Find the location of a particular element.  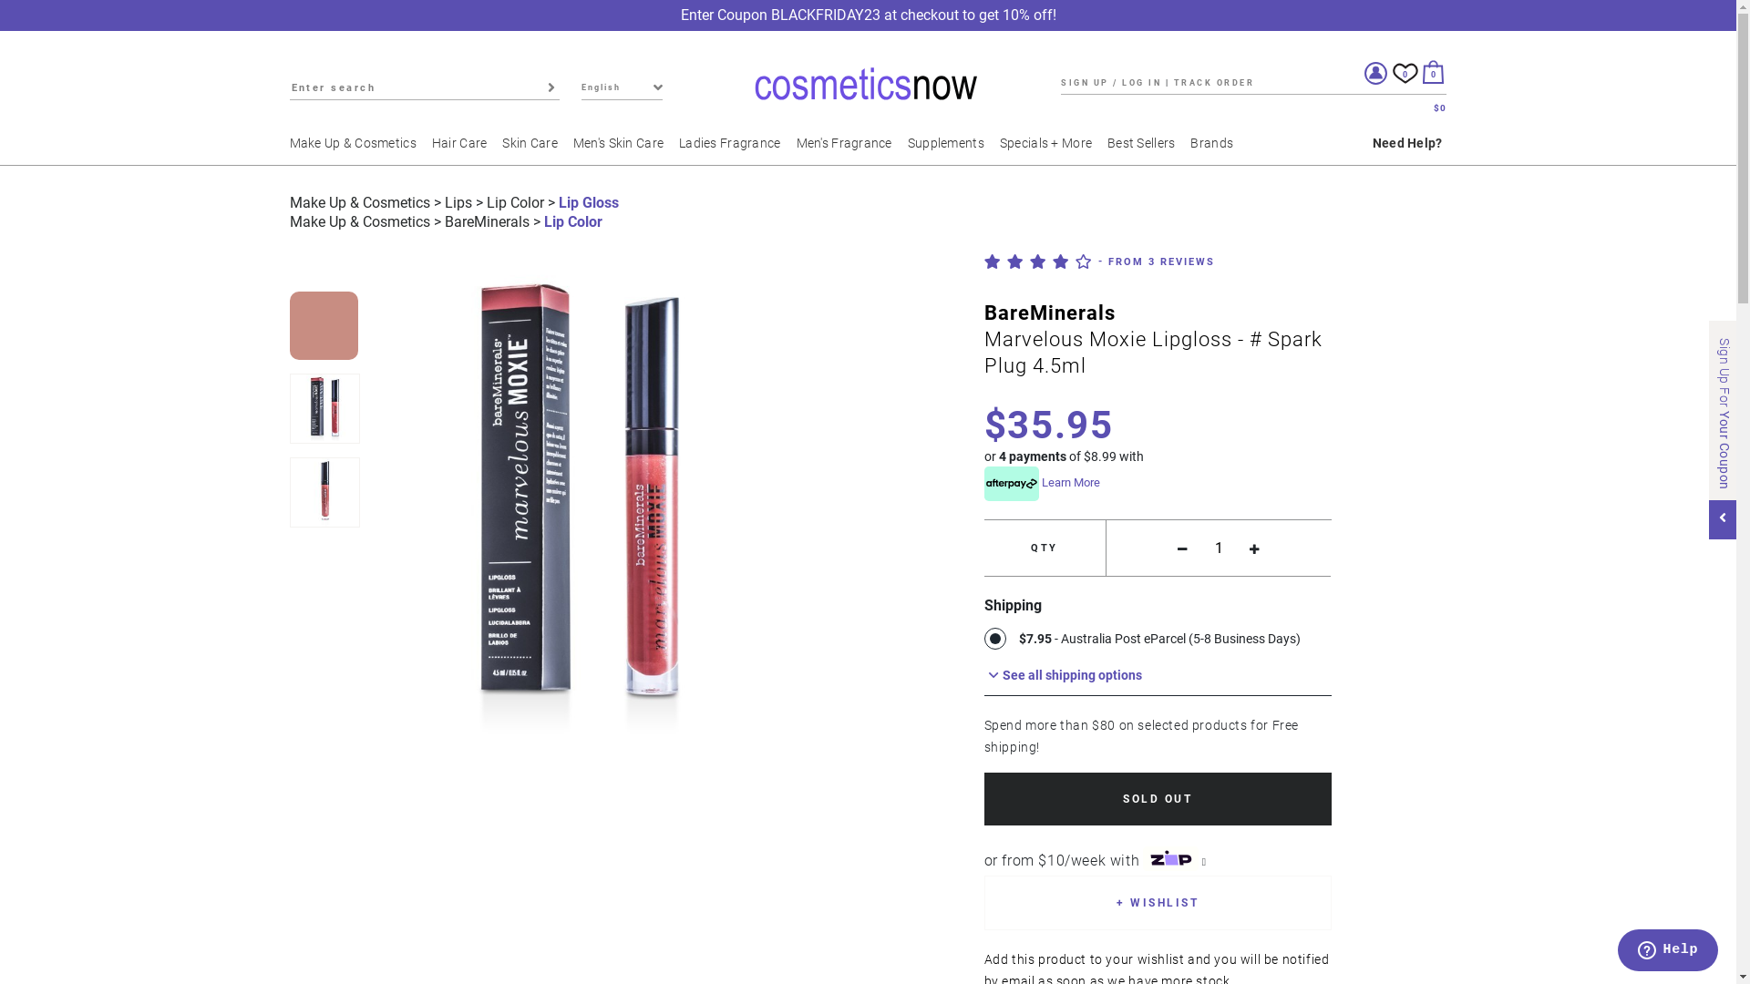

'Specials + More' is located at coordinates (1051, 149).